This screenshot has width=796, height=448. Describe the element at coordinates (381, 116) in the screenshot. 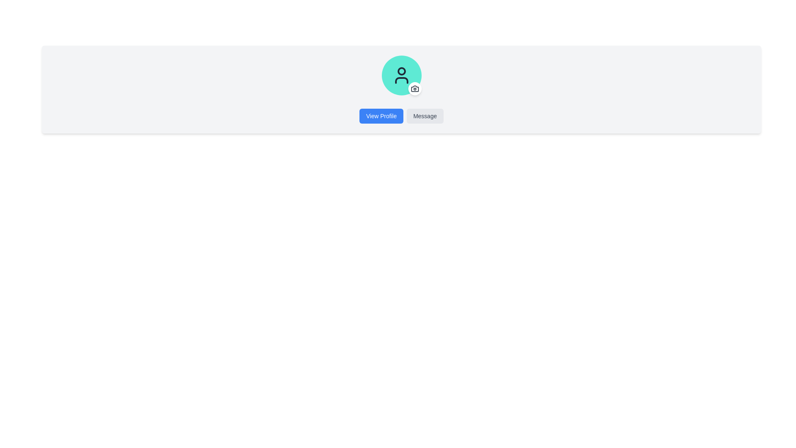

I see `the button located to the left of the 'Message' button, which redirects the user` at that location.